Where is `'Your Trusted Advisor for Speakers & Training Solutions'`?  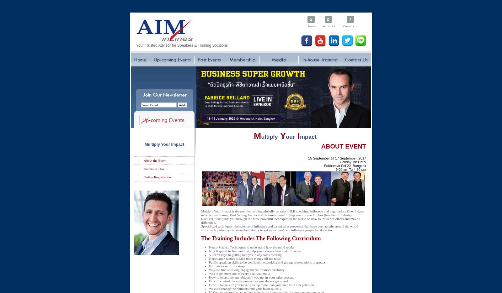
'Your Trusted Advisor for Speakers & Training Solutions' is located at coordinates (181, 45).